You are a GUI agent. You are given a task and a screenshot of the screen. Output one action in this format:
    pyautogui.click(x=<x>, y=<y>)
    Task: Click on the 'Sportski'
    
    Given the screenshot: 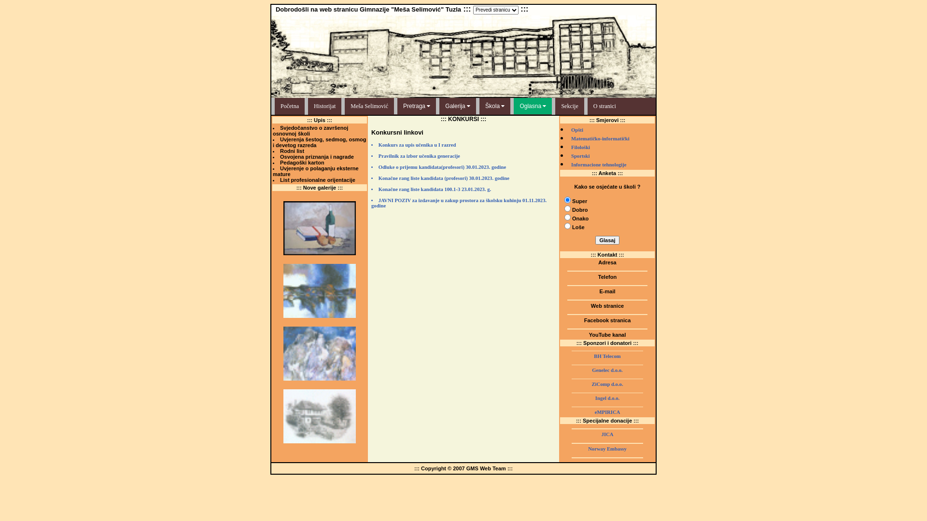 What is the action you would take?
    pyautogui.click(x=580, y=155)
    